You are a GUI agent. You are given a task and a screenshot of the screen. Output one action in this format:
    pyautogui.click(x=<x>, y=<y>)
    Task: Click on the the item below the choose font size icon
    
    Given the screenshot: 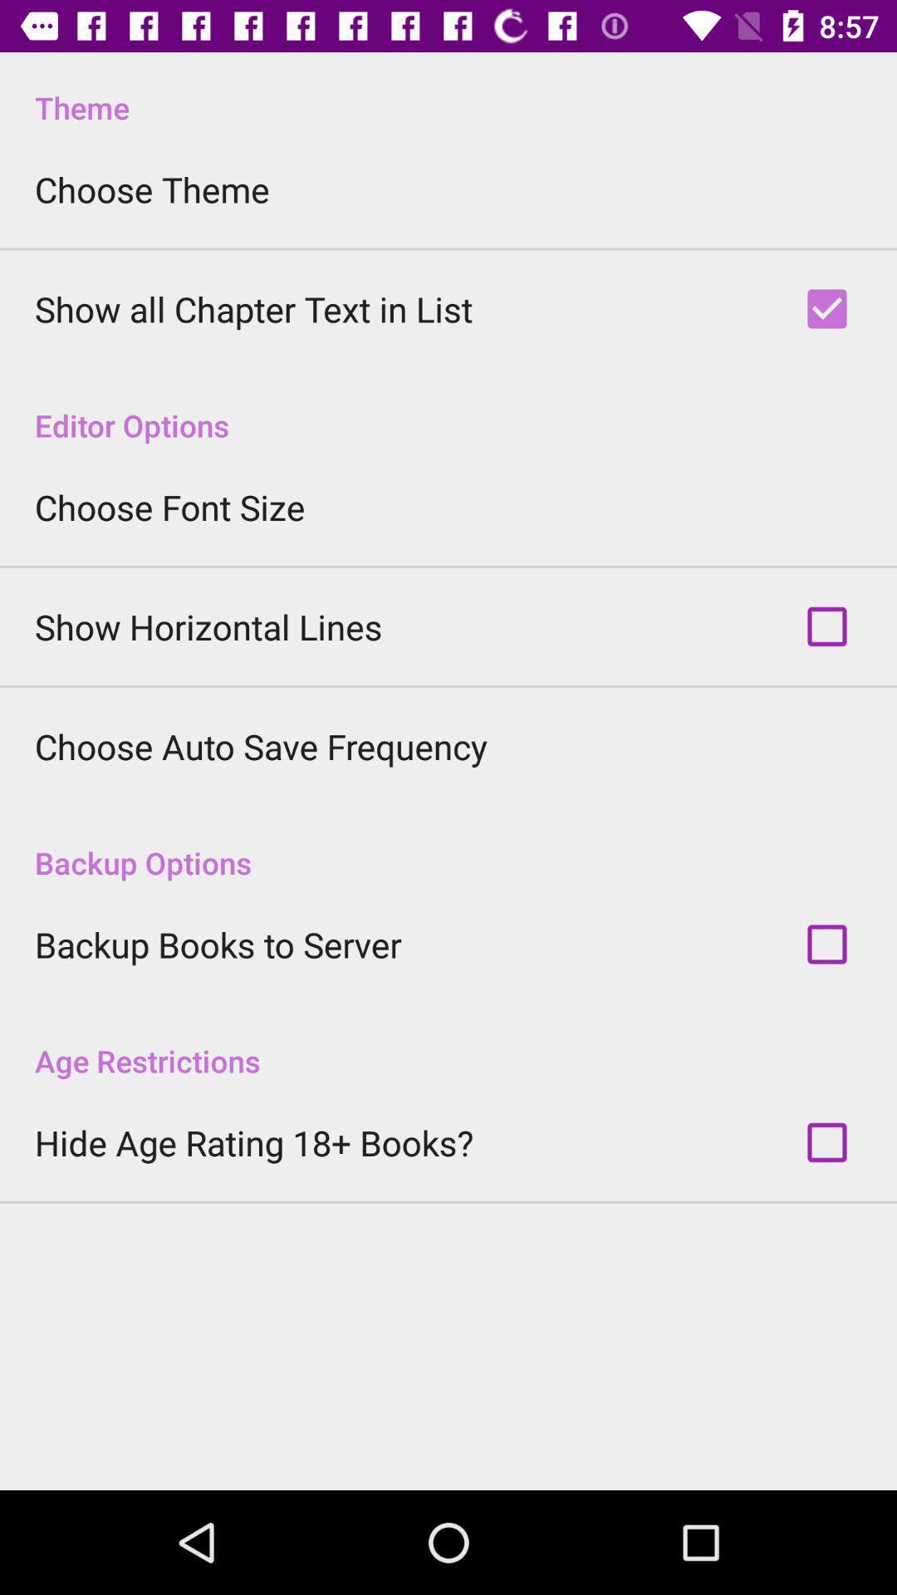 What is the action you would take?
    pyautogui.click(x=208, y=626)
    